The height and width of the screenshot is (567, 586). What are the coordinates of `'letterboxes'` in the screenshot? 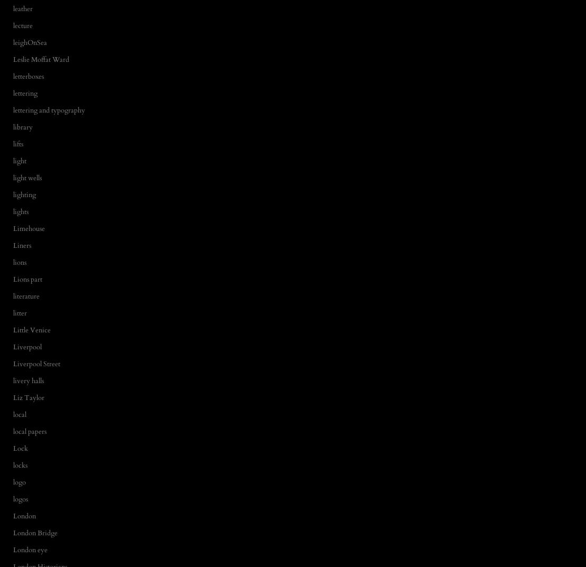 It's located at (28, 75).